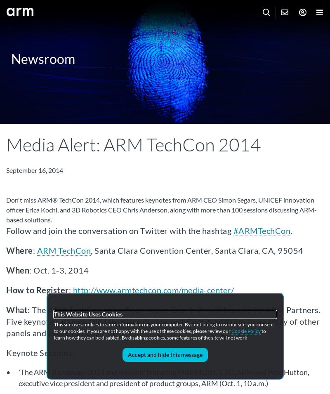 This screenshot has height=394, width=330. Describe the element at coordinates (133, 144) in the screenshot. I see `'Media Alert: ARM TechCon 2014'` at that location.